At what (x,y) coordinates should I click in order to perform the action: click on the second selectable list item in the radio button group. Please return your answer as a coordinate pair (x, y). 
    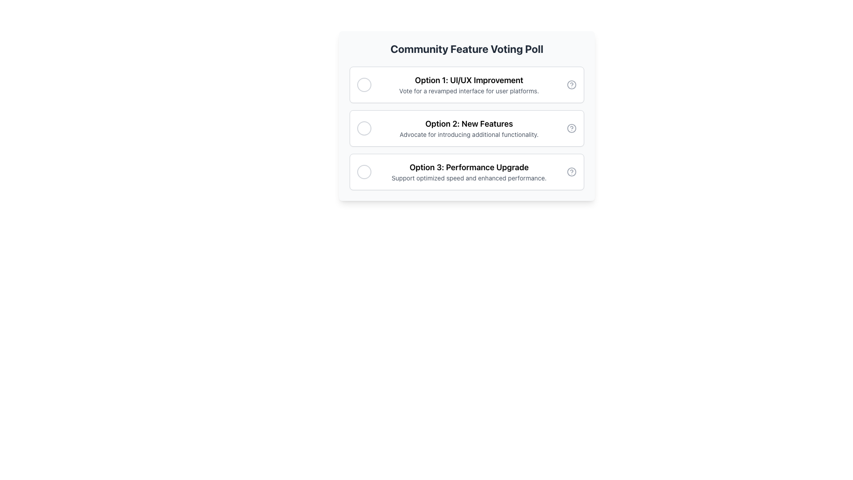
    Looking at the image, I should click on (466, 128).